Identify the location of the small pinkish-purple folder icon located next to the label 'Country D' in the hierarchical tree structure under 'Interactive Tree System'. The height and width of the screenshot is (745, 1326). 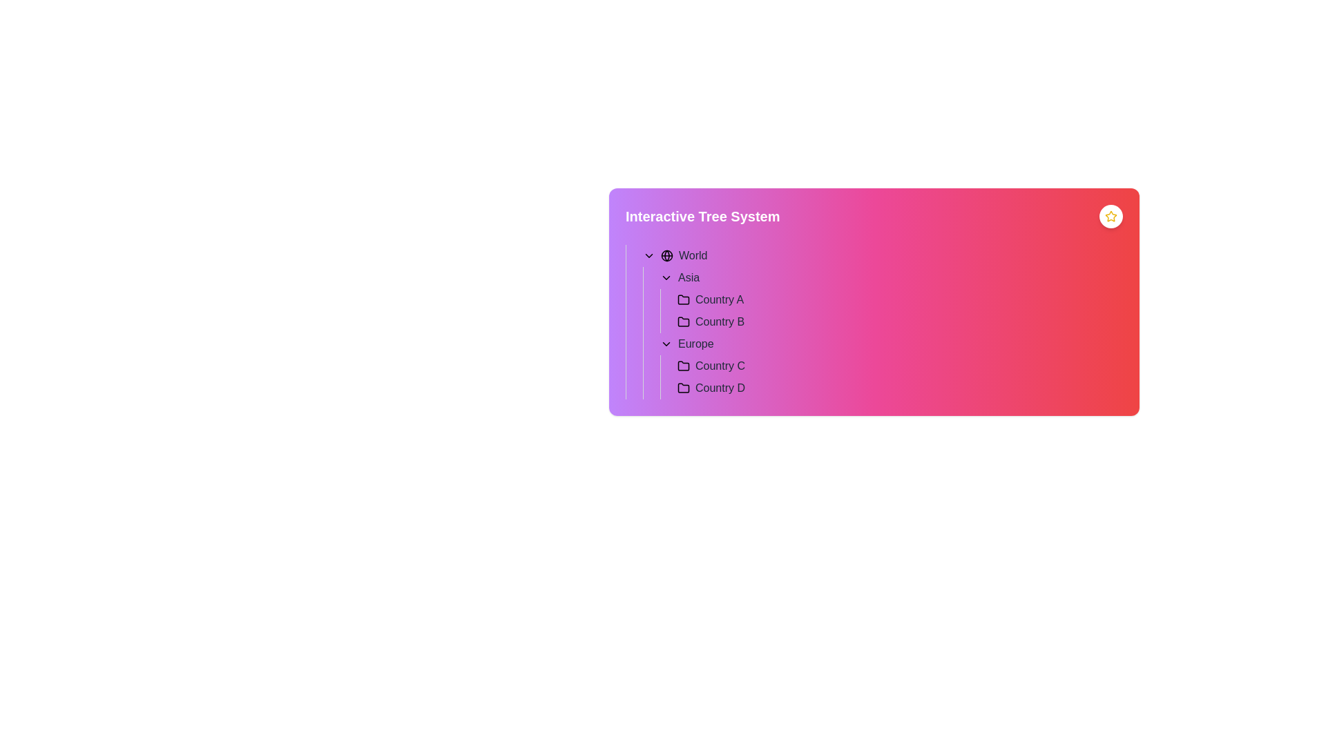
(683, 388).